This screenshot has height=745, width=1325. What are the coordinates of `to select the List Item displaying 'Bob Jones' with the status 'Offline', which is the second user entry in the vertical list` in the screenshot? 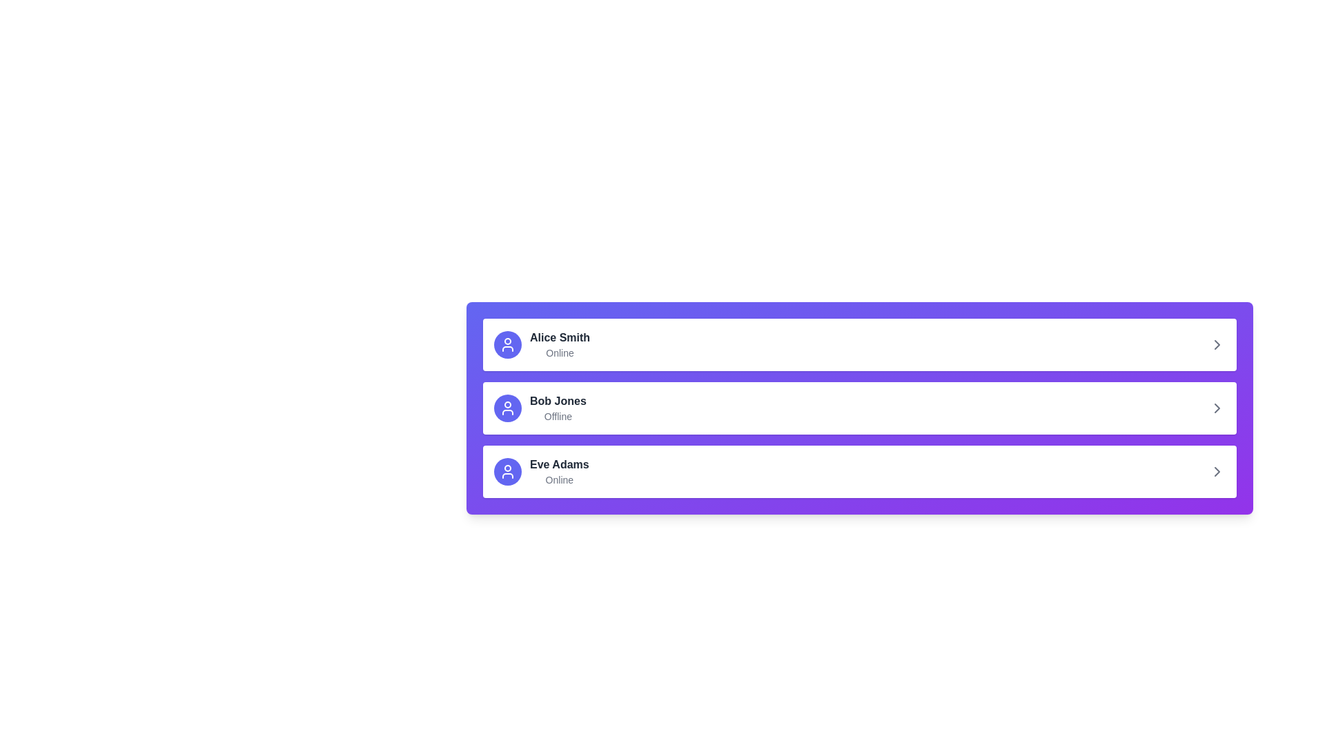 It's located at (539, 407).